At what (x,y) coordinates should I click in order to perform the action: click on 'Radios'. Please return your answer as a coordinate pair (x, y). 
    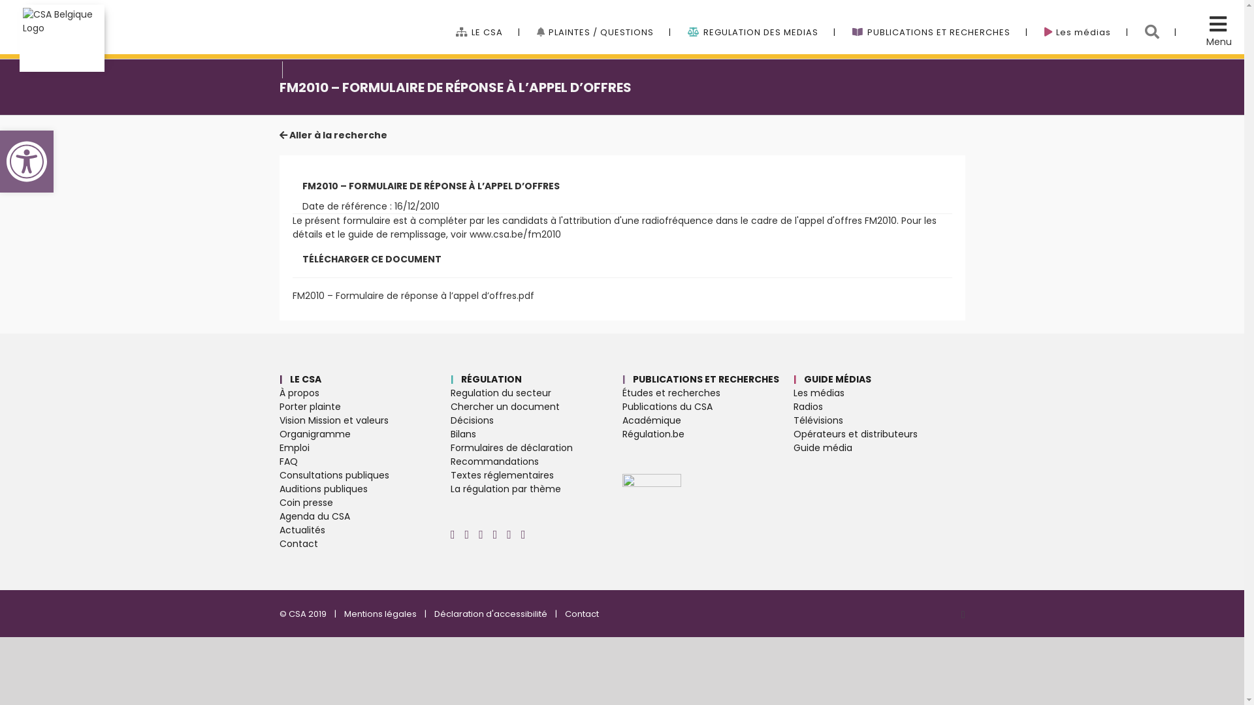
    Looking at the image, I should click on (792, 406).